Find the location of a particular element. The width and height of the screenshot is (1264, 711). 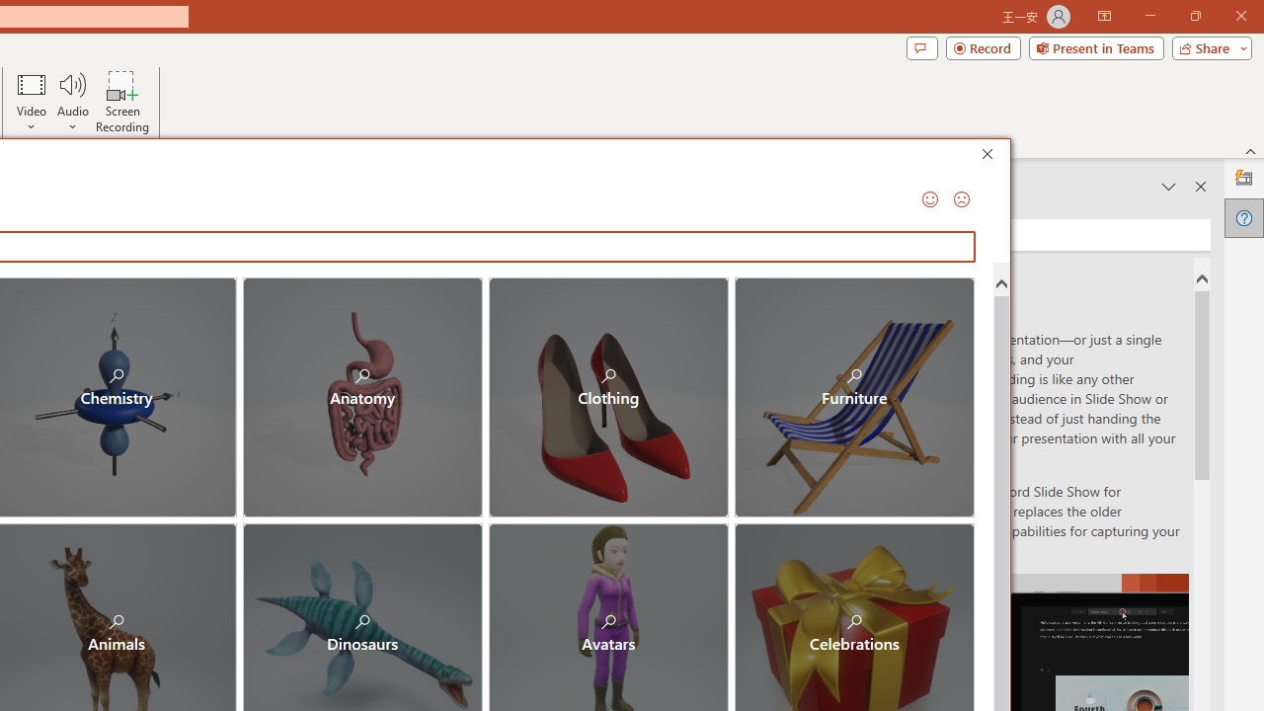

'Send a Smile' is located at coordinates (927, 198).